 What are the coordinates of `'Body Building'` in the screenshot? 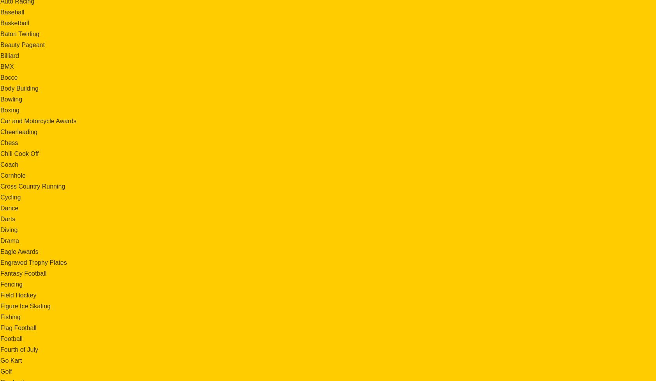 It's located at (19, 88).